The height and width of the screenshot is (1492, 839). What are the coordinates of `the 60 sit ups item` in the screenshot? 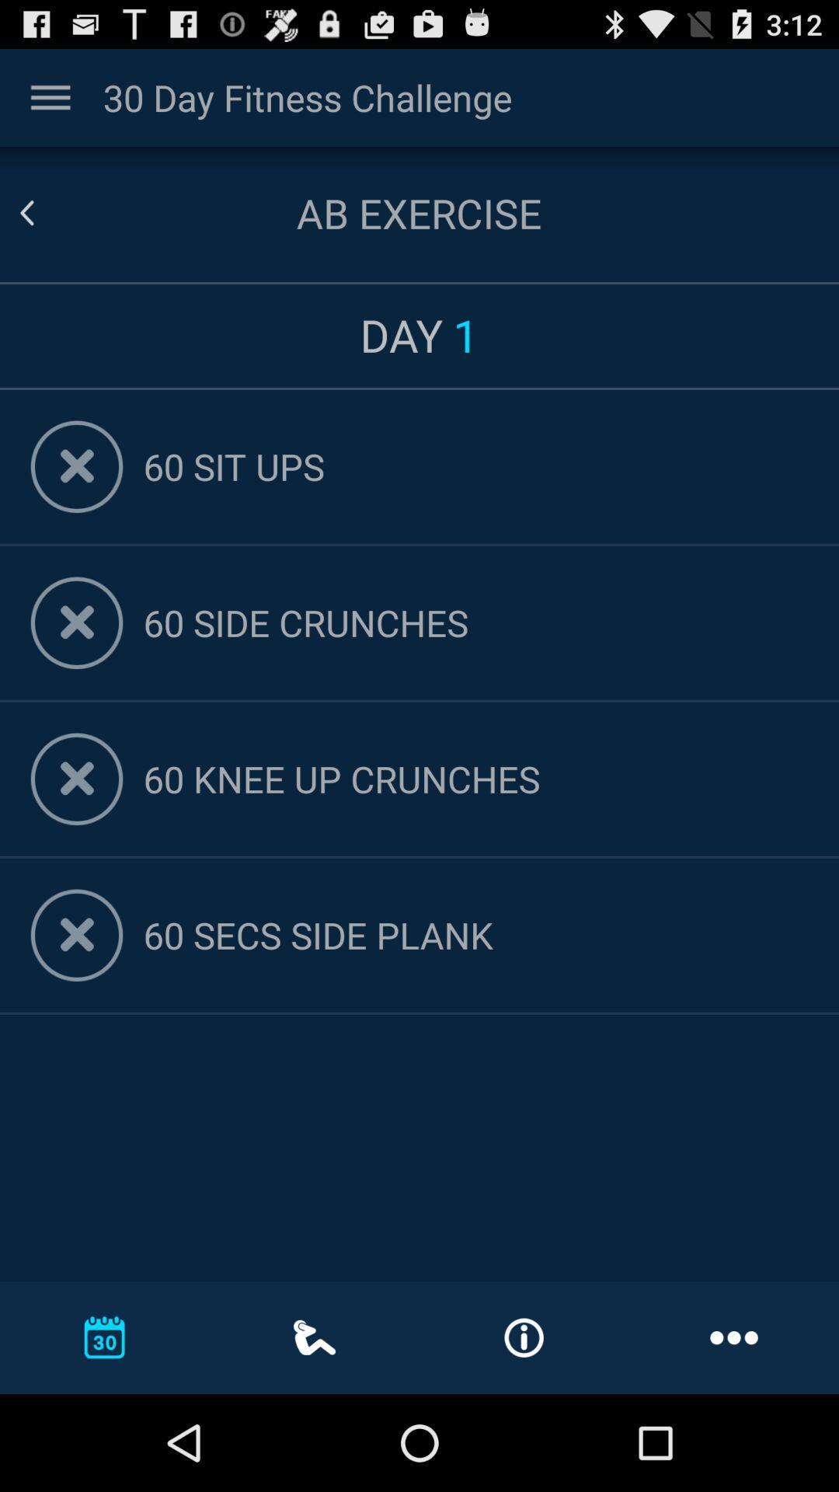 It's located at (475, 465).